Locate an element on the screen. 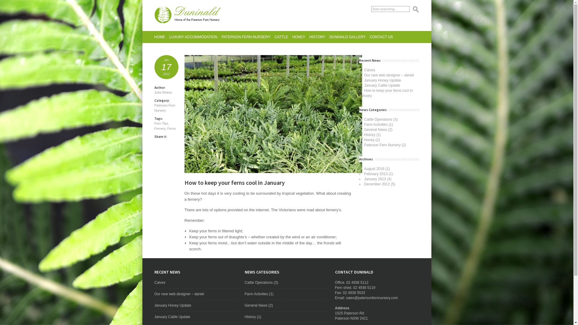 The width and height of the screenshot is (578, 325). 'HOME' is located at coordinates (159, 37).